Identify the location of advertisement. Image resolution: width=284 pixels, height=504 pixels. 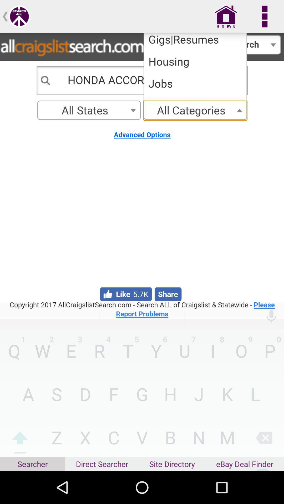
(142, 176).